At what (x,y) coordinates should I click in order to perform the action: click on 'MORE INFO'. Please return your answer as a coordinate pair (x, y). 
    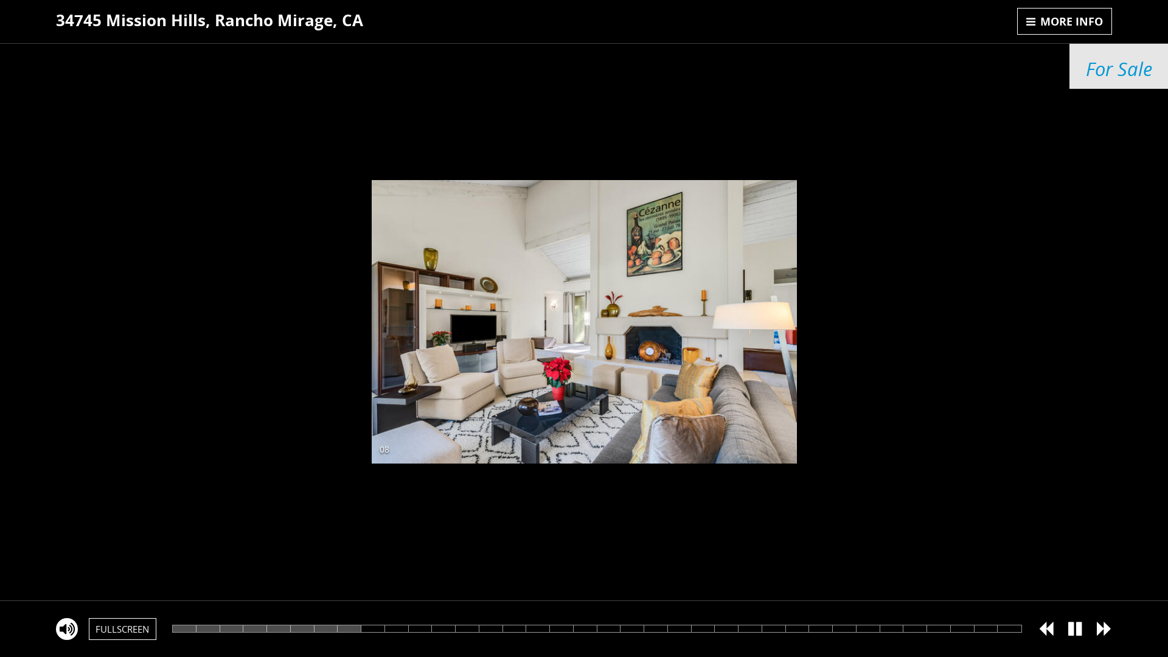
    Looking at the image, I should click on (1064, 21).